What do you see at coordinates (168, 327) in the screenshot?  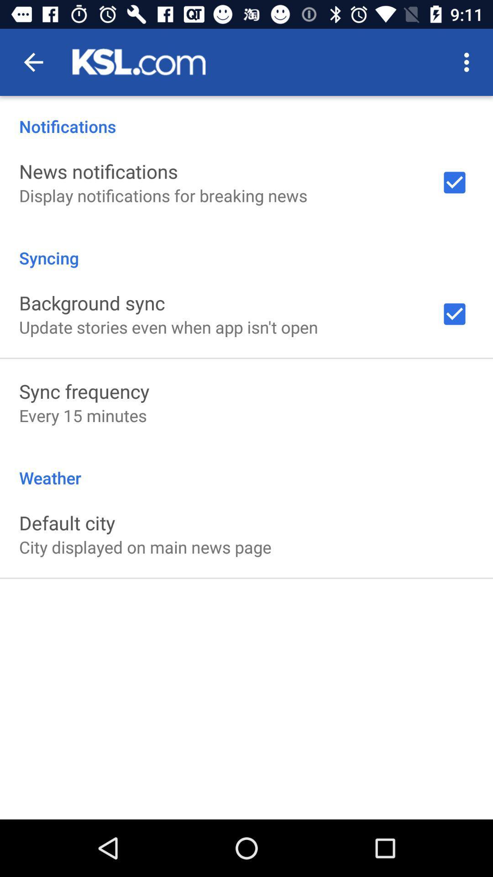 I see `the update stories even icon` at bounding box center [168, 327].